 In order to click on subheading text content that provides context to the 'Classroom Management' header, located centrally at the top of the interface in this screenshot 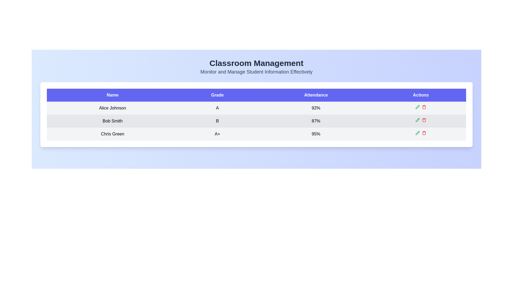, I will do `click(256, 72)`.